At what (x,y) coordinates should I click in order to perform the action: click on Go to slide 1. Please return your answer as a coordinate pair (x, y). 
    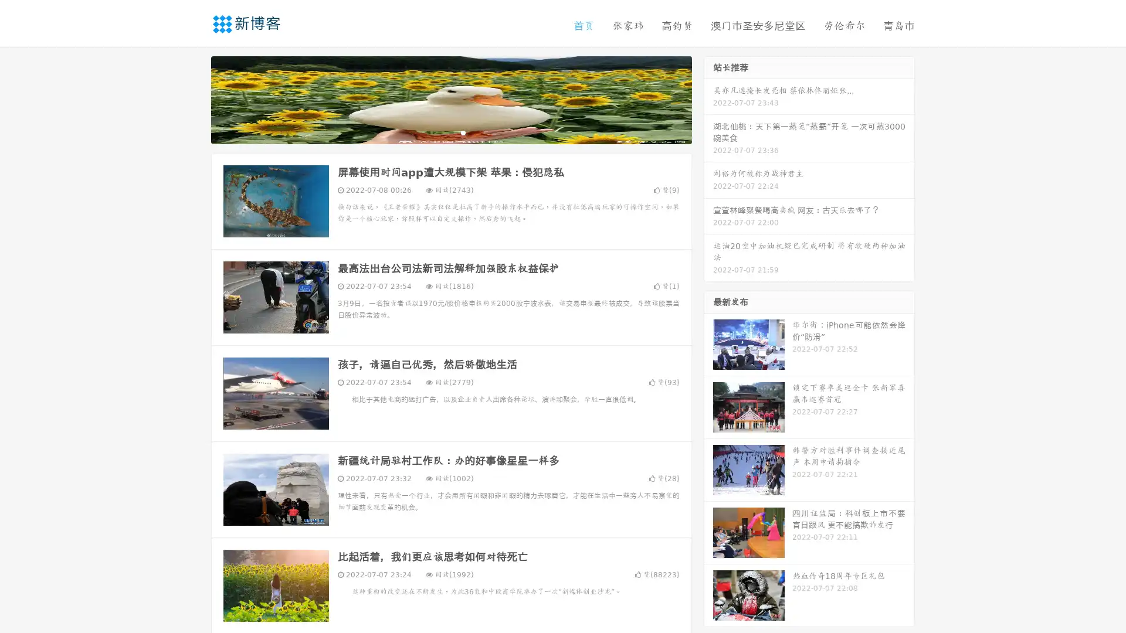
    Looking at the image, I should click on (439, 132).